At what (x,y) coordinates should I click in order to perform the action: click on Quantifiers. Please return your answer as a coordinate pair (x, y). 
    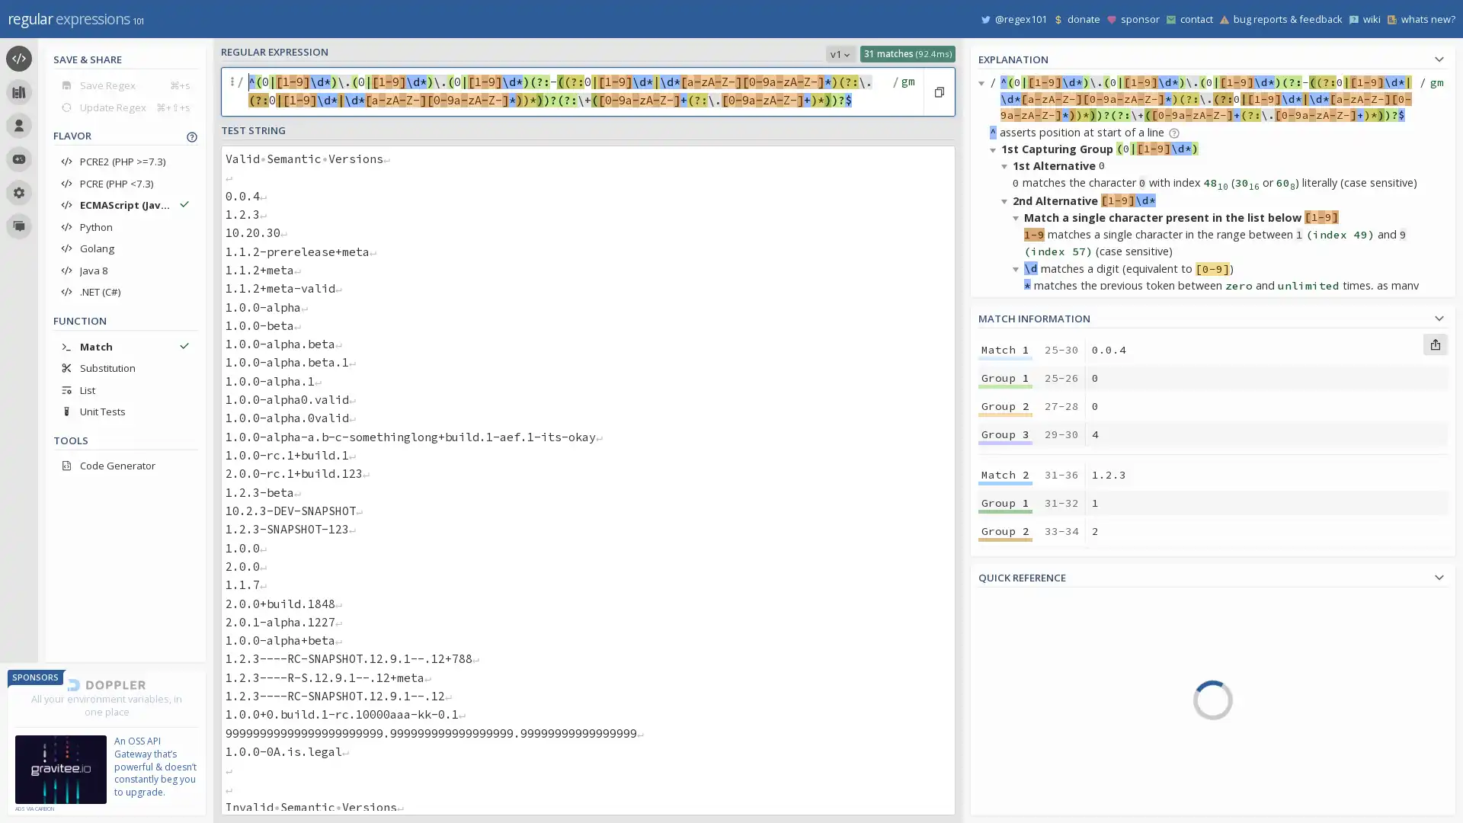
    Looking at the image, I should click on (1049, 740).